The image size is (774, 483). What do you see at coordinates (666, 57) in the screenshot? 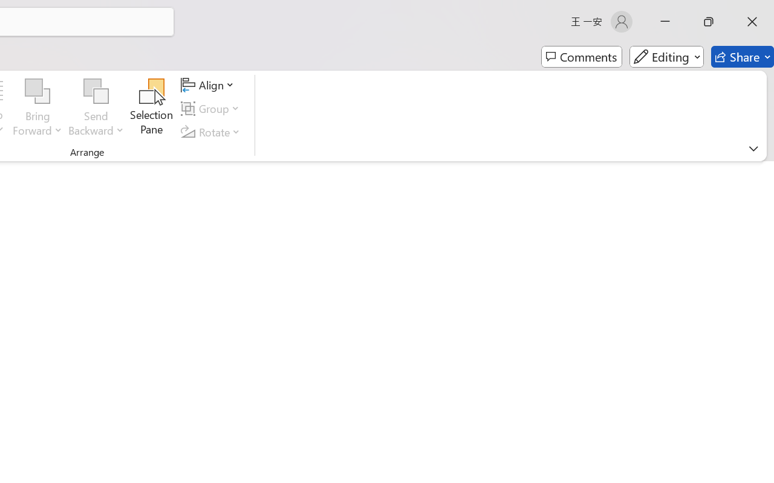
I see `'Editing'` at bounding box center [666, 57].